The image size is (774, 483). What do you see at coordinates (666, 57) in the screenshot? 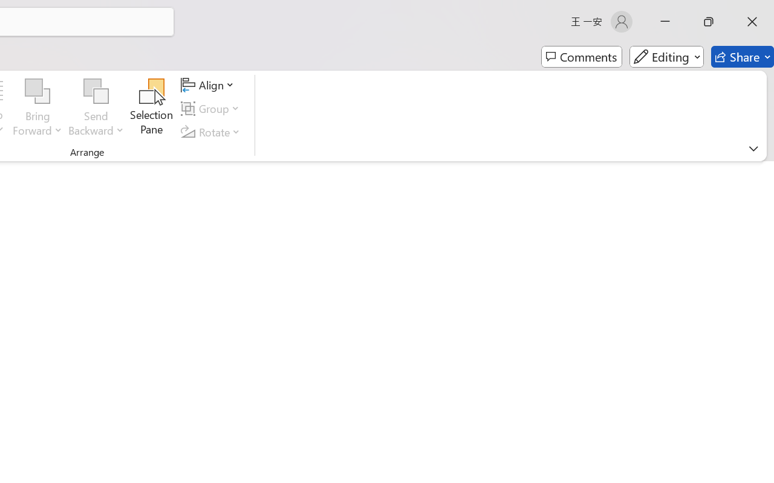
I see `'Editing'` at bounding box center [666, 57].